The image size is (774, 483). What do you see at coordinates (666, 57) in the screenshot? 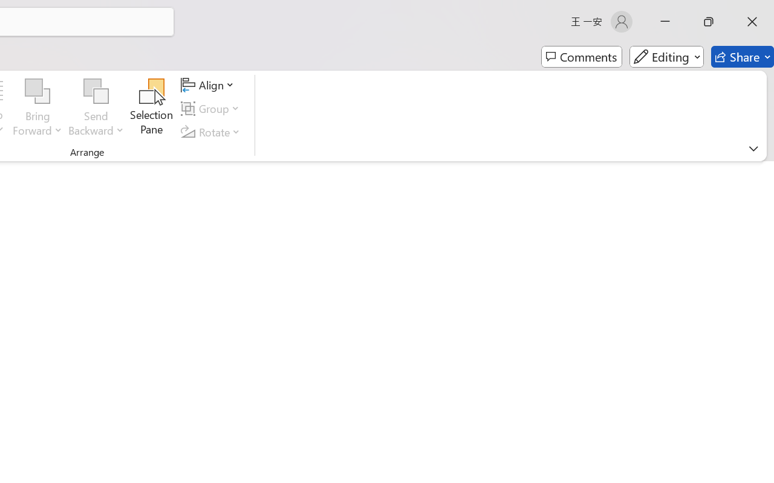
I see `'Editing'` at bounding box center [666, 57].